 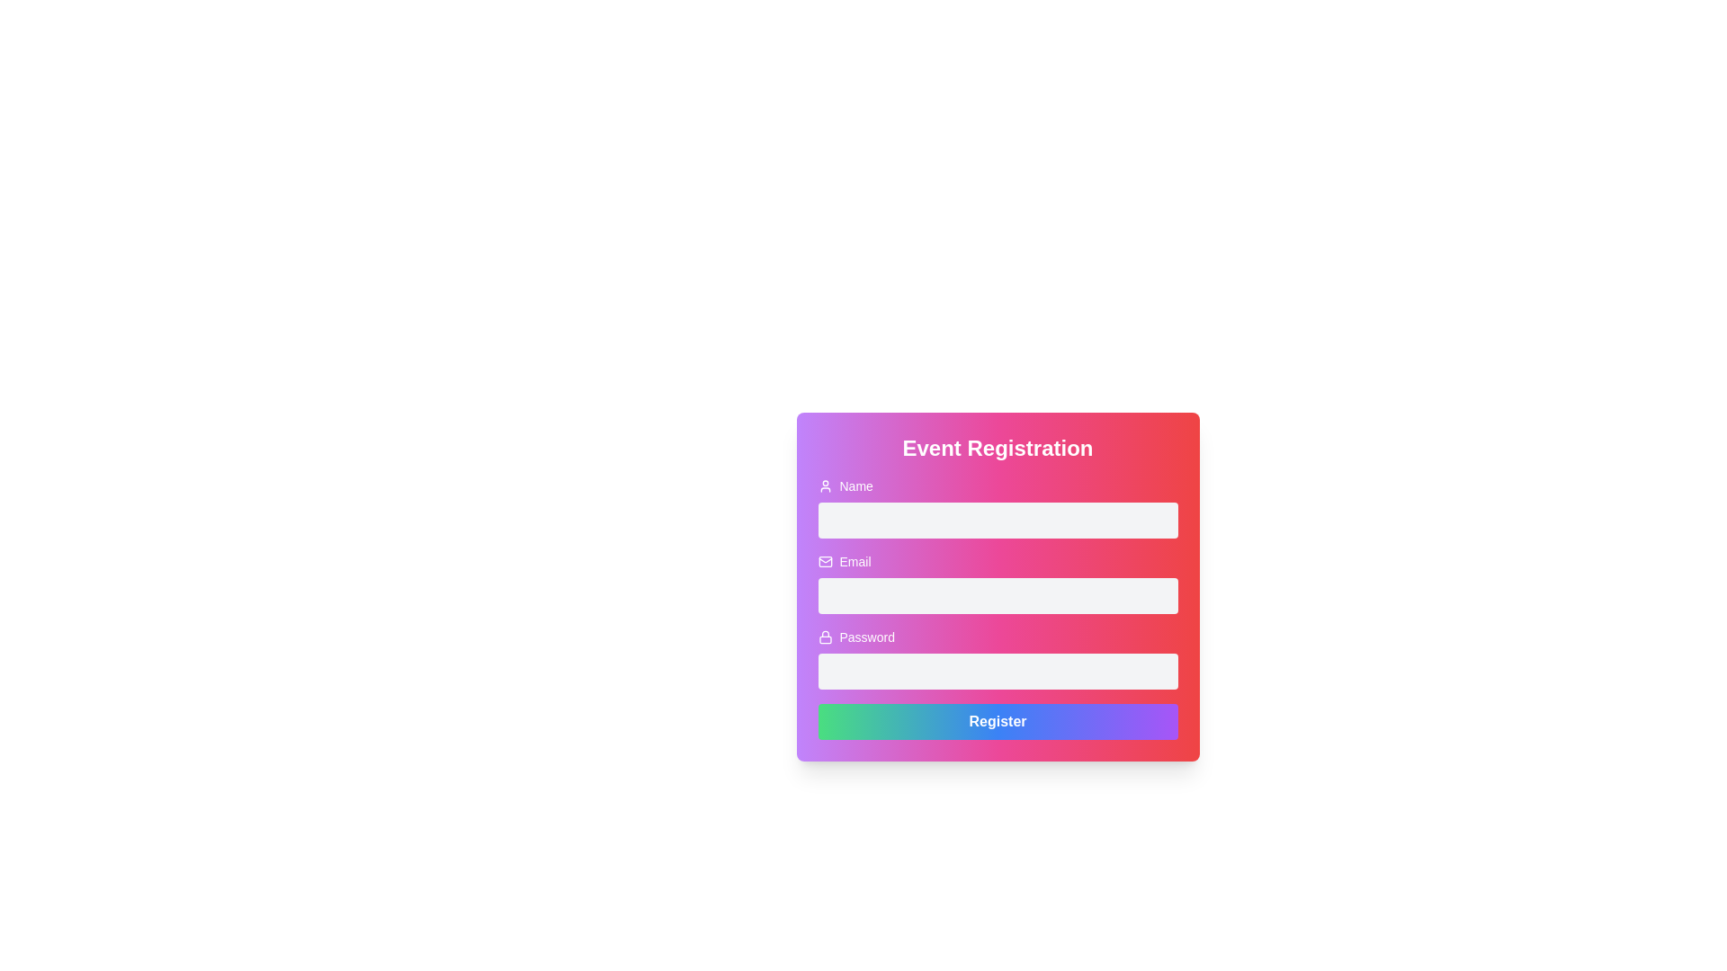 What do you see at coordinates (997, 583) in the screenshot?
I see `to focus on the email input field located between the Name and Password fields in the registration form` at bounding box center [997, 583].